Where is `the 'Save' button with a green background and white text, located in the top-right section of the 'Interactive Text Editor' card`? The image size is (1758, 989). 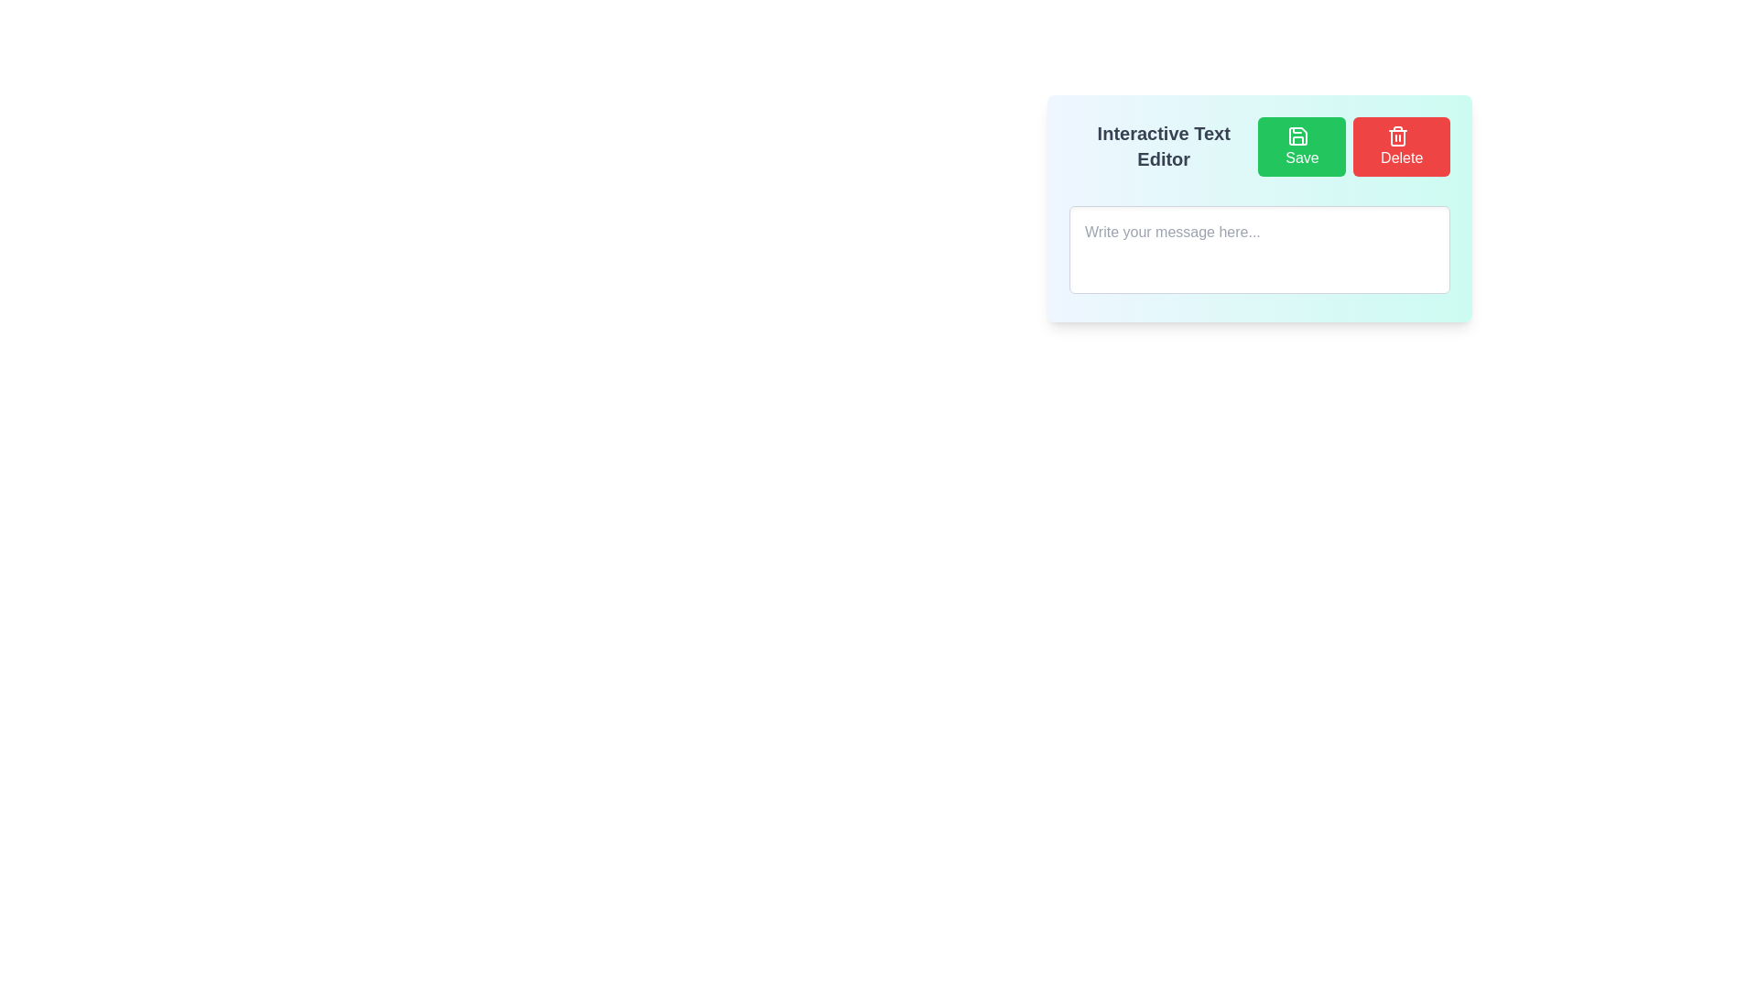
the 'Save' button with a green background and white text, located in the top-right section of the 'Interactive Text Editor' card is located at coordinates (1301, 146).